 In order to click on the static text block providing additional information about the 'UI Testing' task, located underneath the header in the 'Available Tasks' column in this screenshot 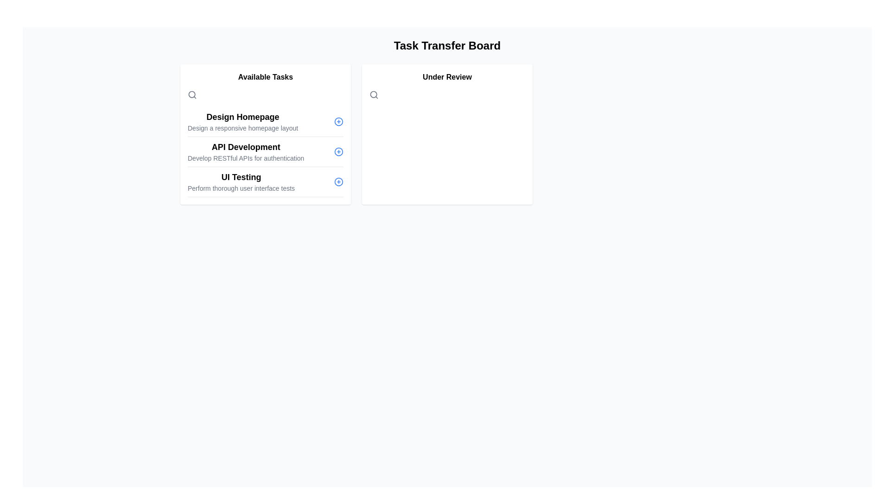, I will do `click(241, 188)`.